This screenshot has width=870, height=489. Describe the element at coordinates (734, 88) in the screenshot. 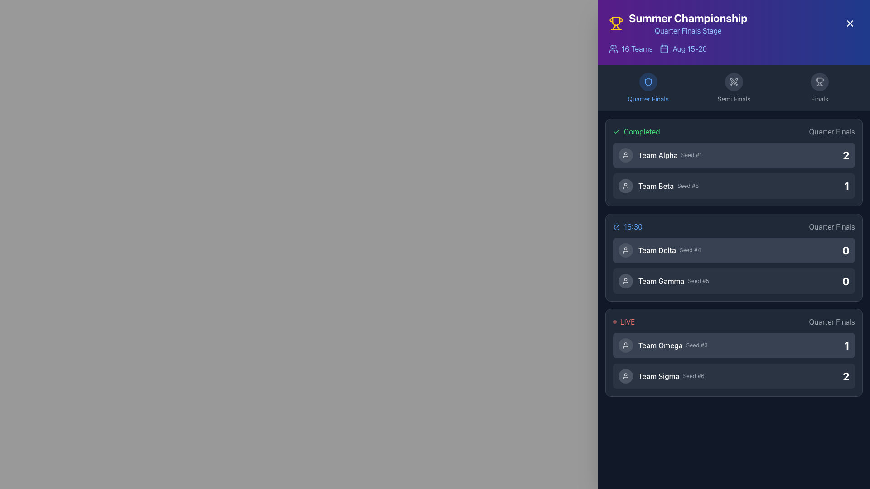

I see `the circular icon with a crossed swords symbol in the Navigation button labeled 'Semi Finals'` at that location.